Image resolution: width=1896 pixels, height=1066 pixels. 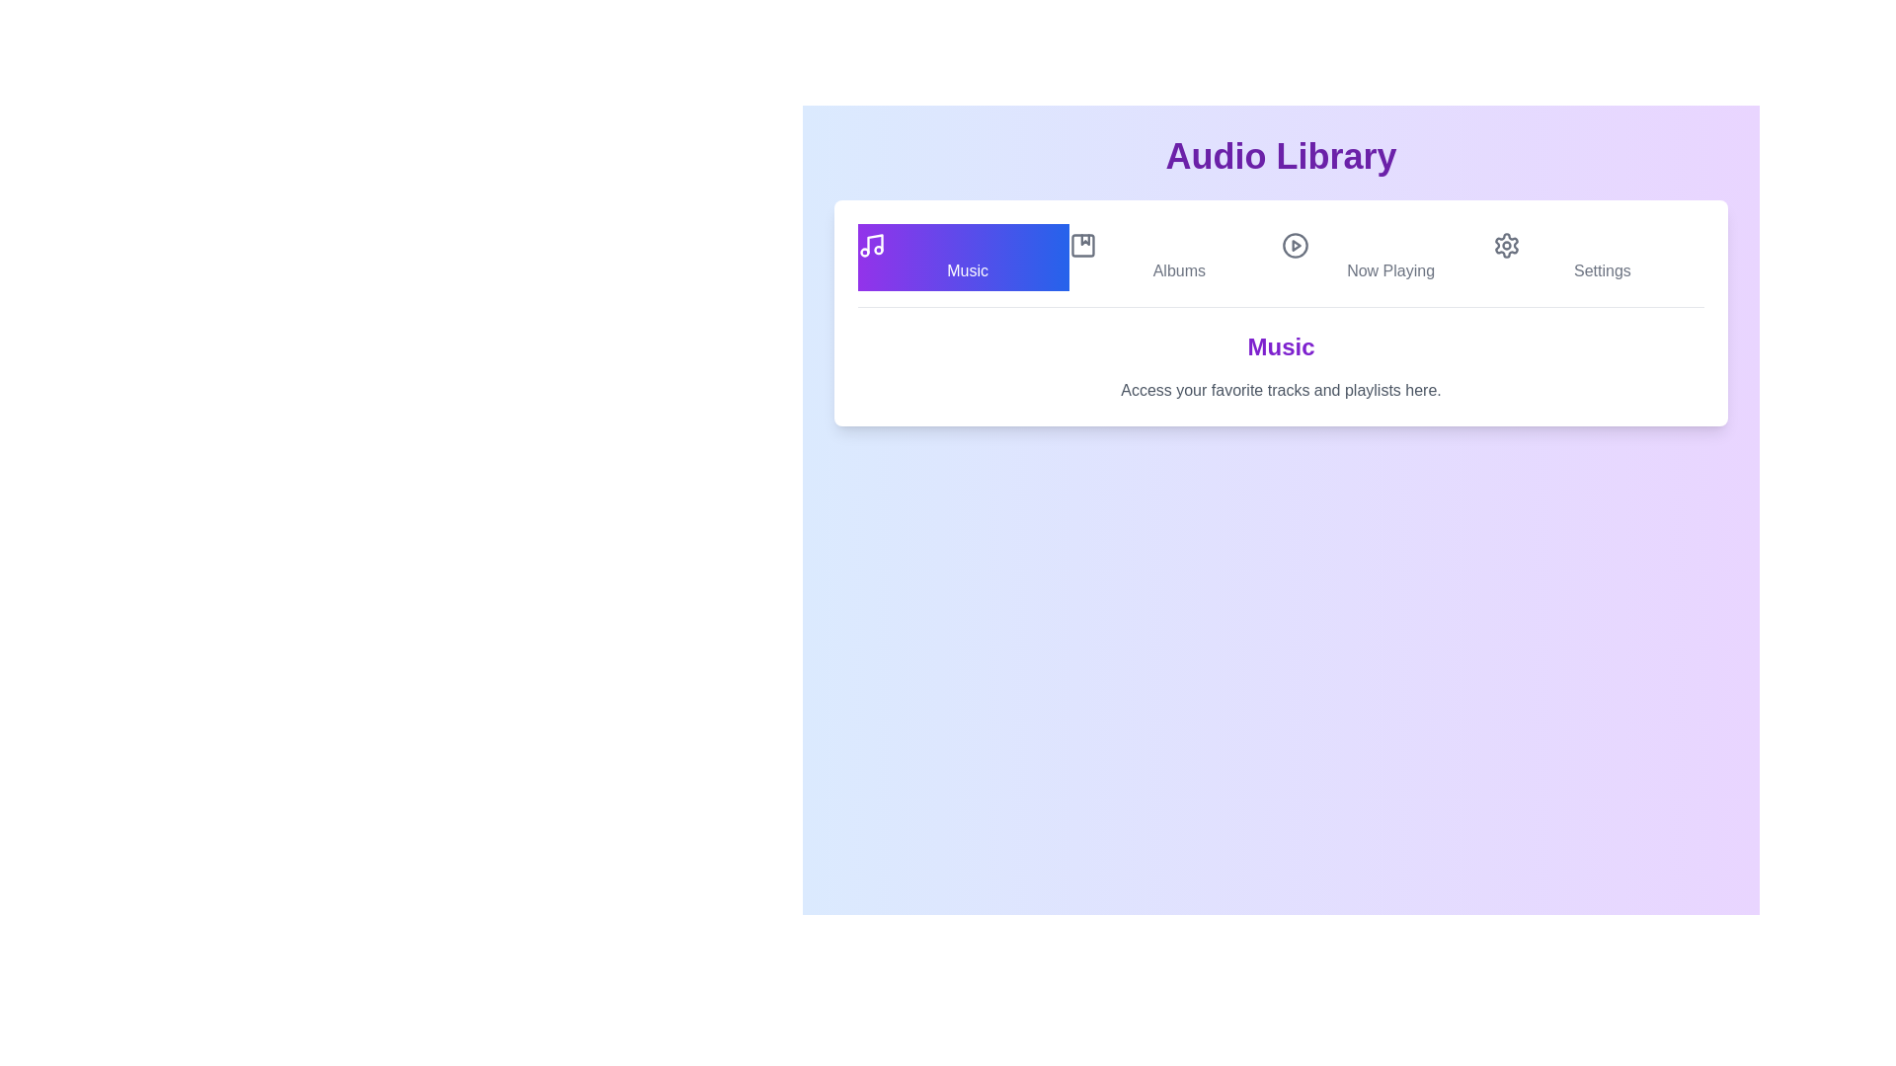 What do you see at coordinates (871, 245) in the screenshot?
I see `the music icon located in the 'Music' tab button, which is the first option in the horizontal row of tab buttons at the top of the main content area` at bounding box center [871, 245].